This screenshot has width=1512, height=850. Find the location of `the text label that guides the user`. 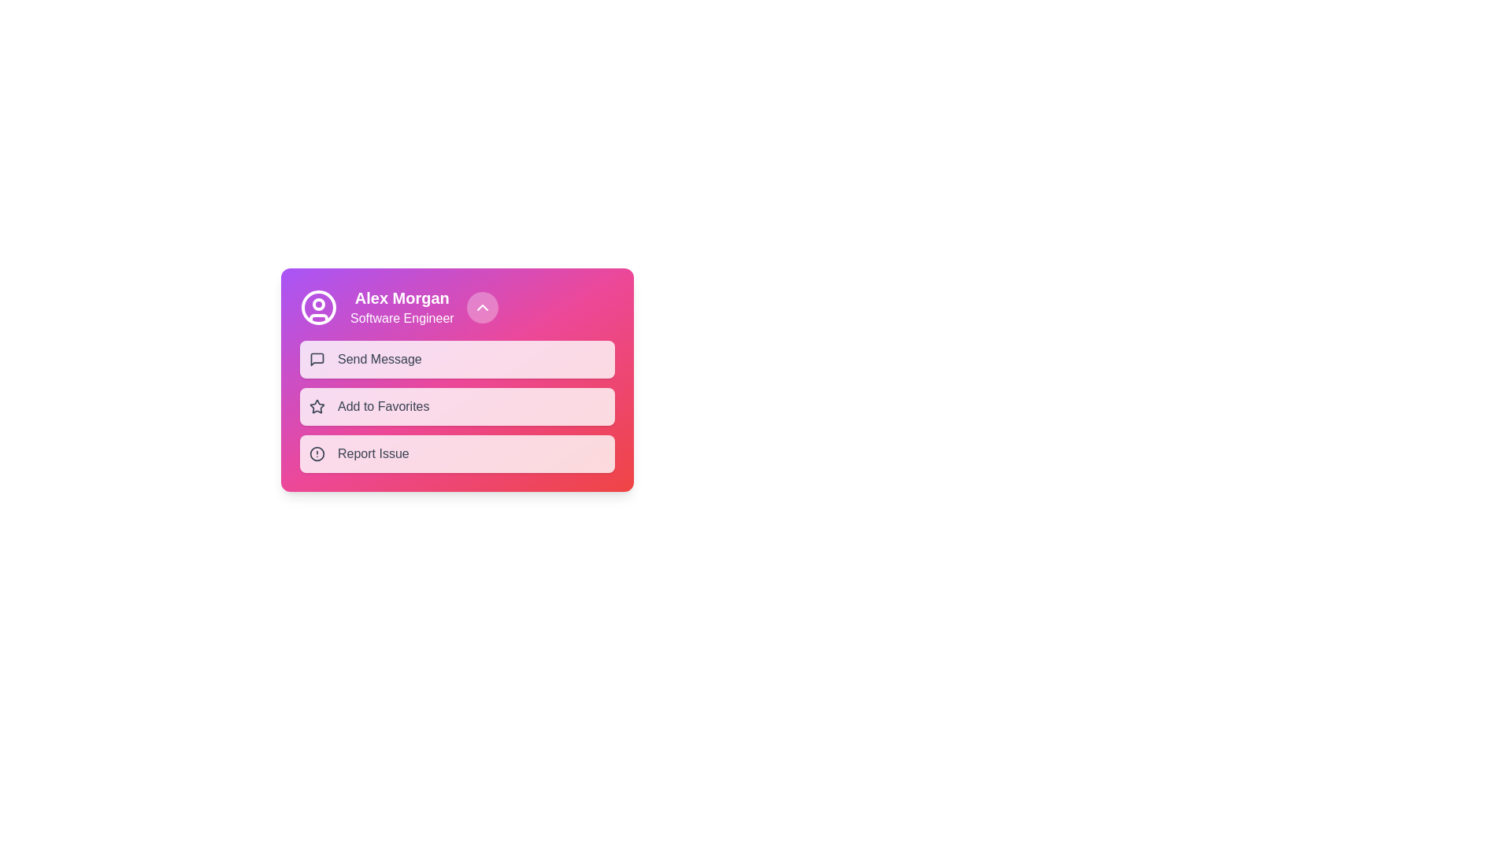

the text label that guides the user is located at coordinates (372, 454).